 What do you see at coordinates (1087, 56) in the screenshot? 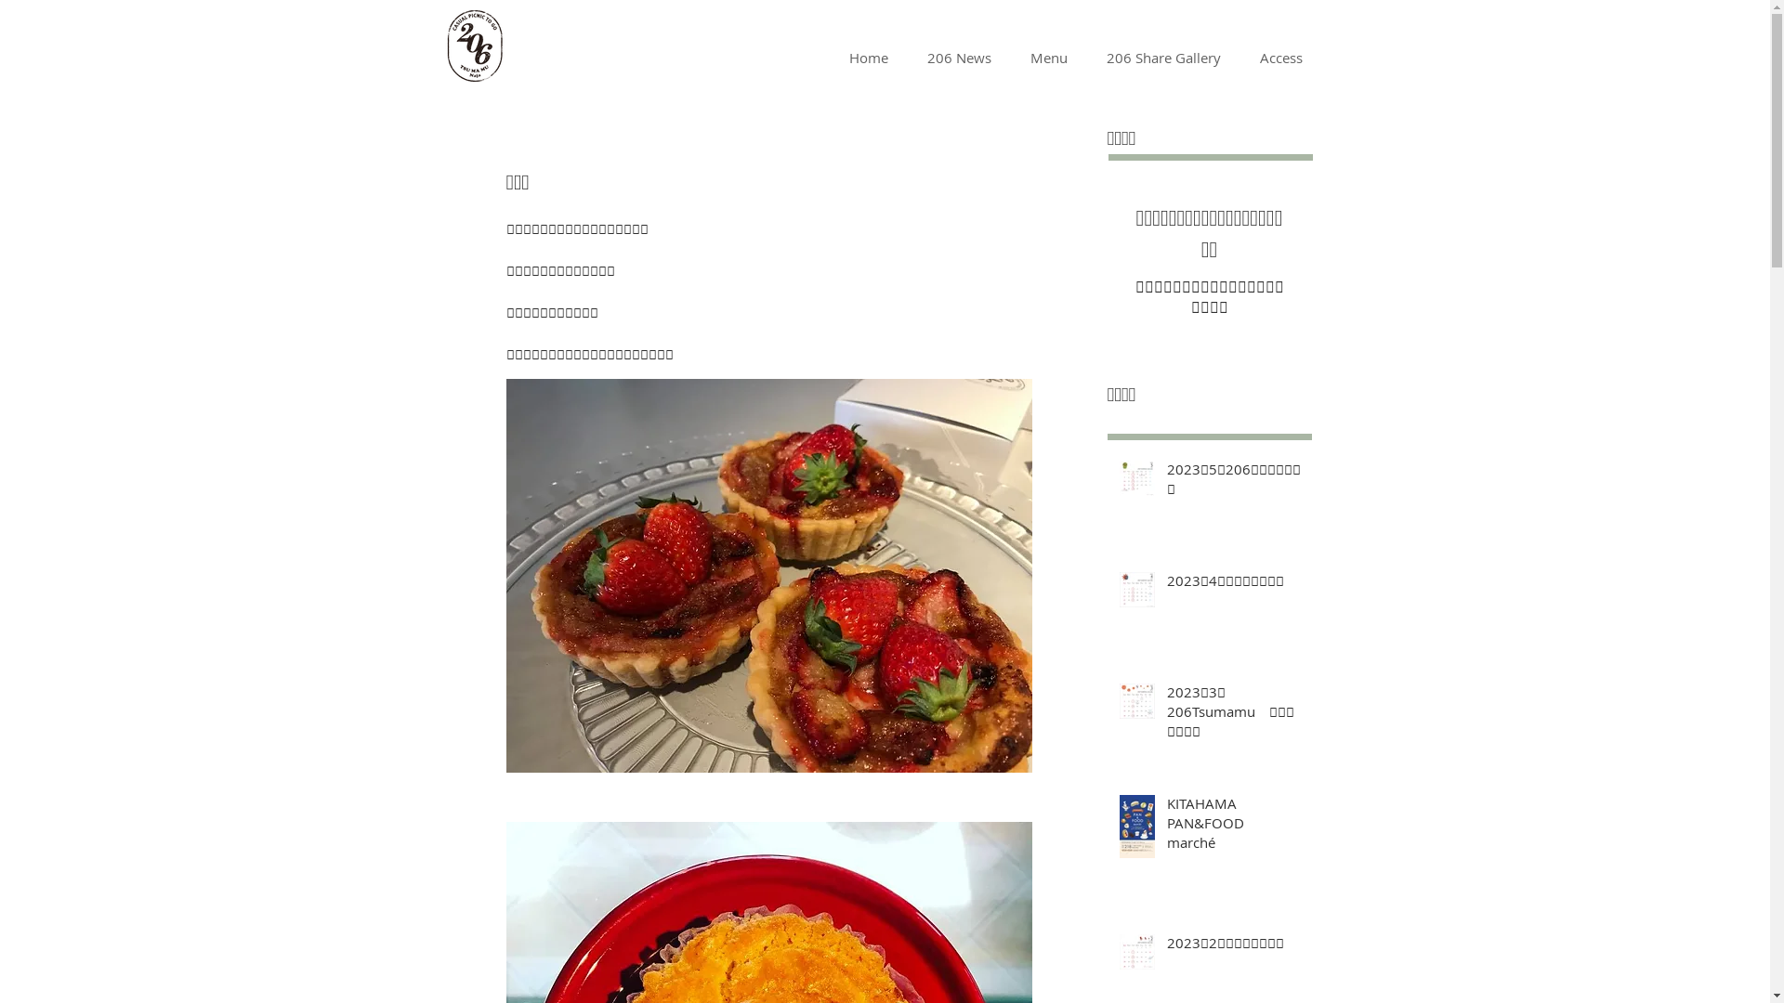
I see `'206 Share Gallery'` at bounding box center [1087, 56].